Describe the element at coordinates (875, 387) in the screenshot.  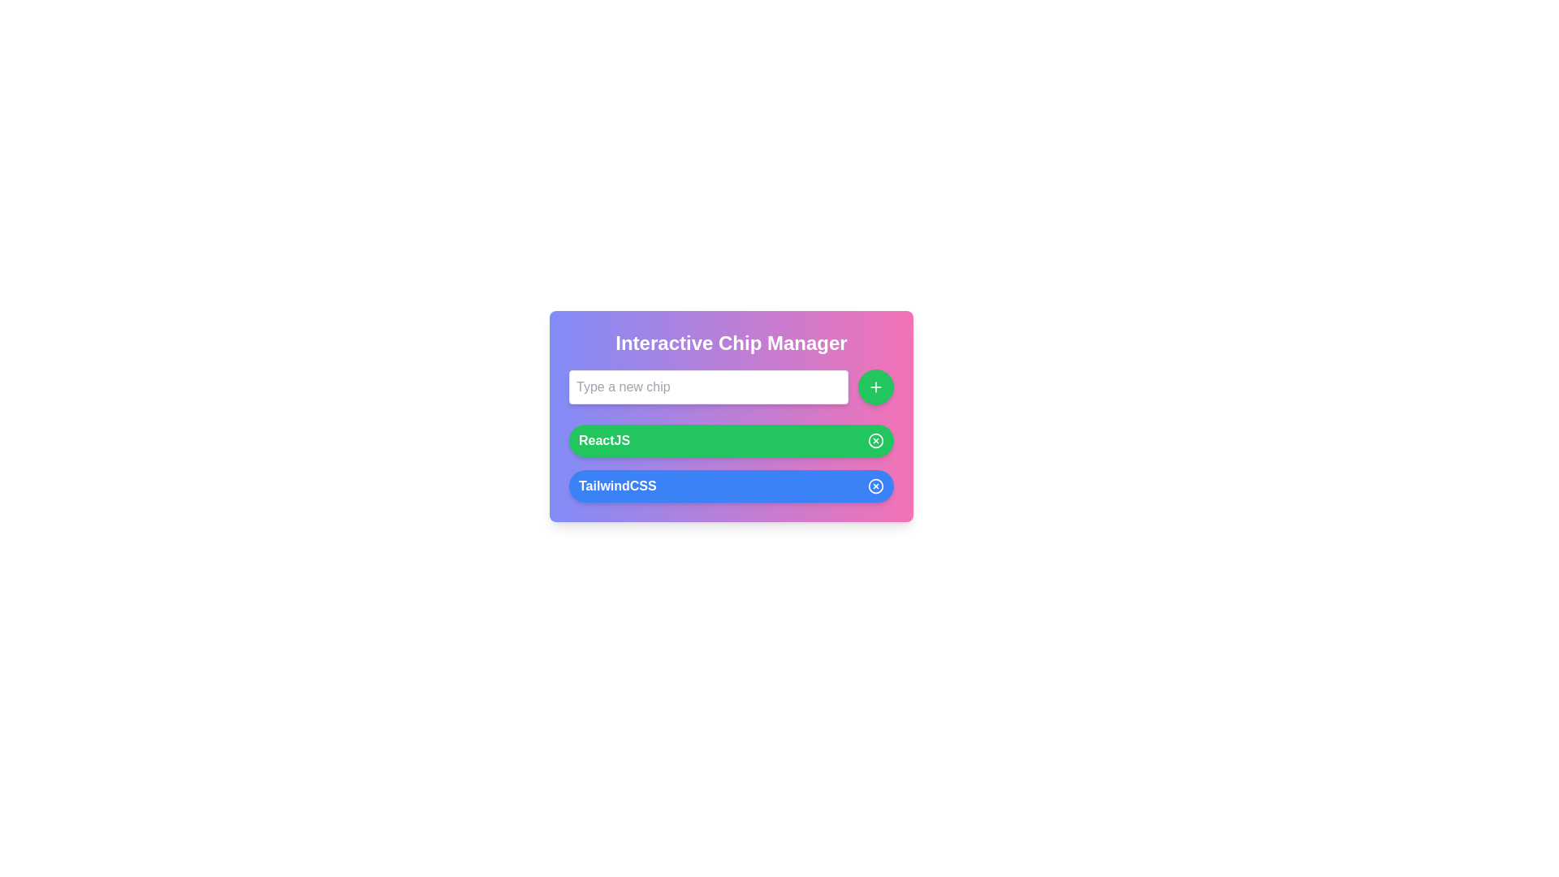
I see `the green circular button with a plus sign located at the top-right corner of the 'Interactive Chip Manager' panel` at that location.